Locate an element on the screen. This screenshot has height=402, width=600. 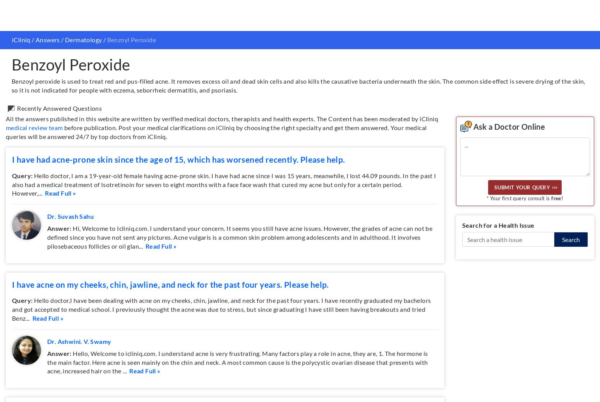
'Deals & Offers' is located at coordinates (326, 327).